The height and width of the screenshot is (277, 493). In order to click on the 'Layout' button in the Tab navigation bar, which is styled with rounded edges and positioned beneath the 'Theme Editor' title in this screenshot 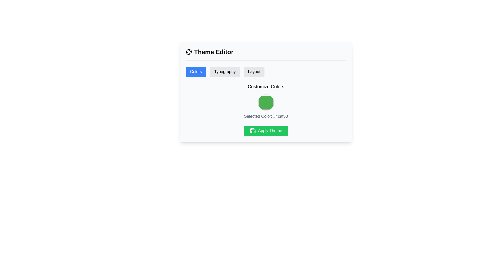, I will do `click(266, 72)`.